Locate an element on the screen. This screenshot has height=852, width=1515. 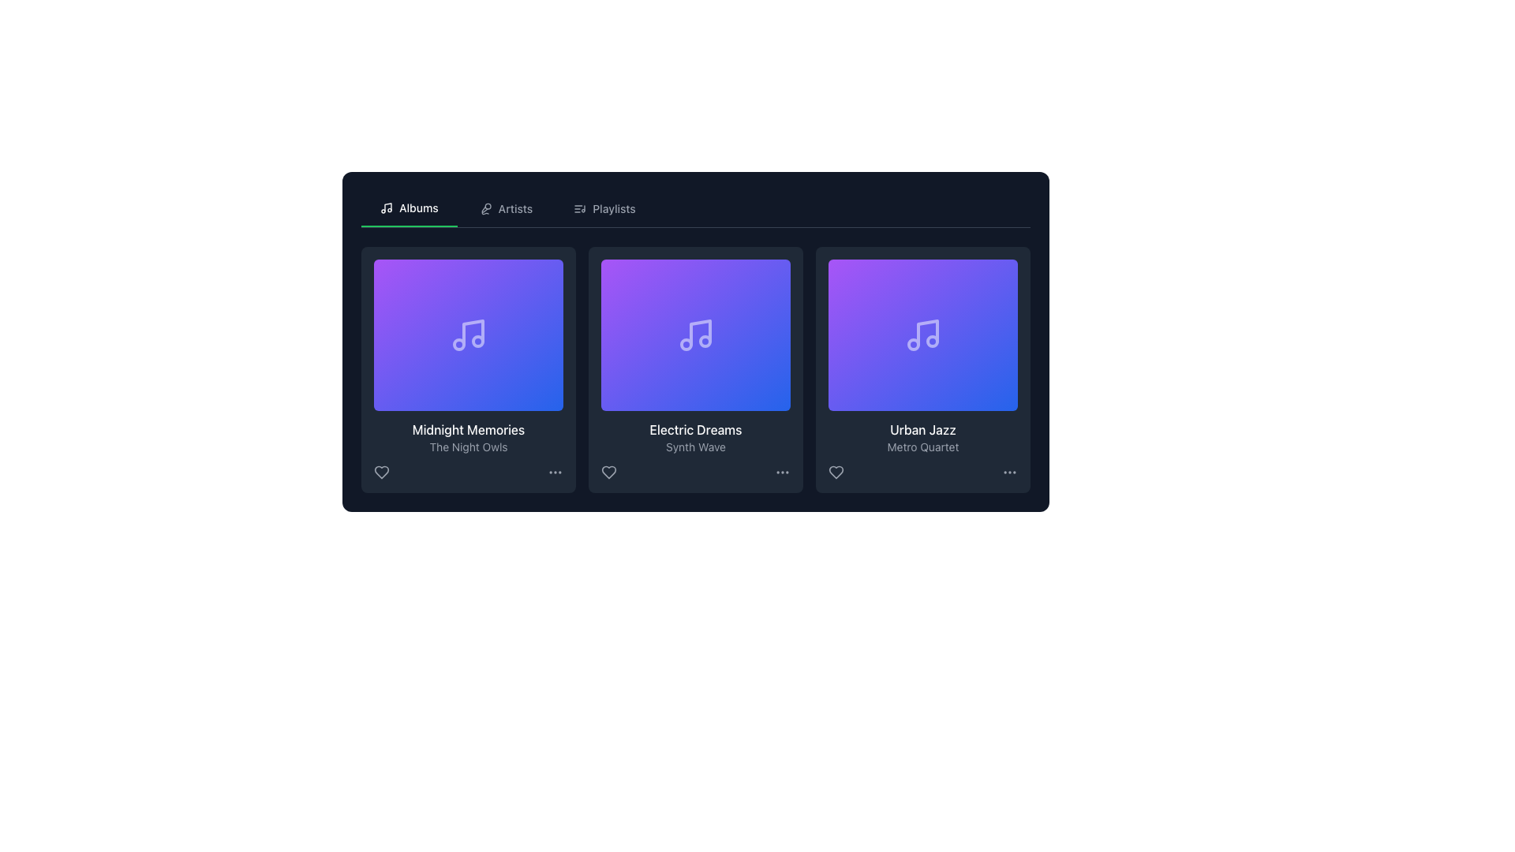
the Ellipsis button, which consists of three small gray circular dots arranged horizontally, located below the 'Urban Jazz - Metro Quartet' content block is located at coordinates (1010, 471).